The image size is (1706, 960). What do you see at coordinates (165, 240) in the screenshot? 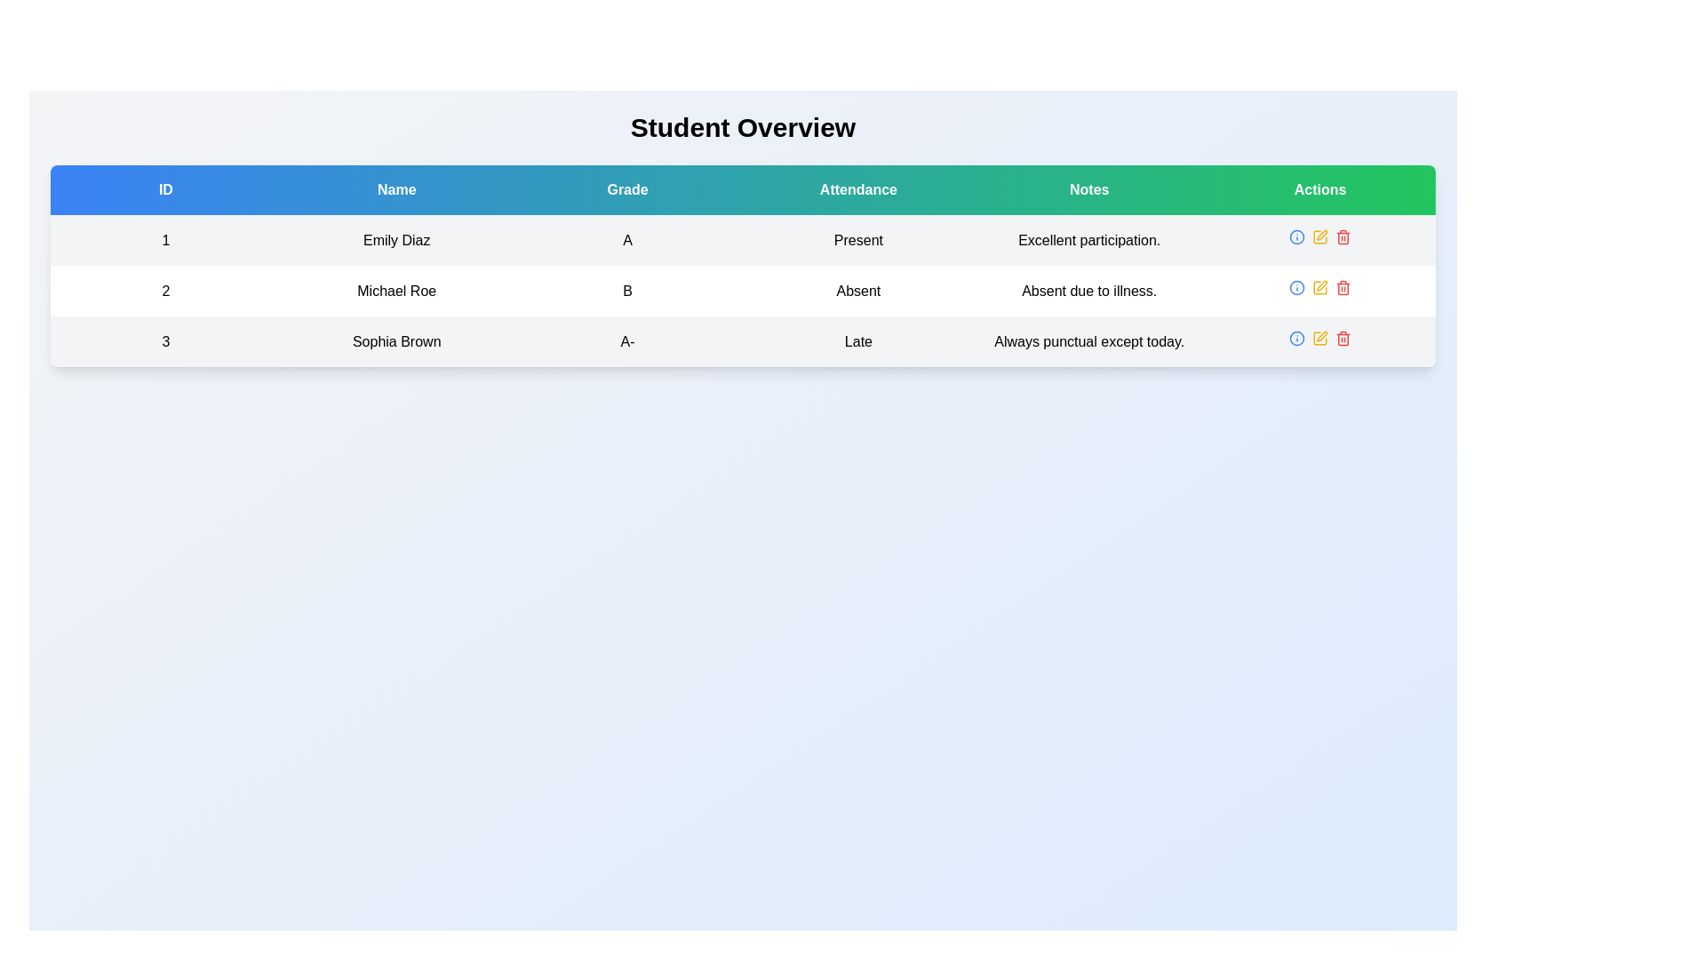
I see `the text displaying the student ID number located in the first column and first row of the table under the header 'ID'` at bounding box center [165, 240].